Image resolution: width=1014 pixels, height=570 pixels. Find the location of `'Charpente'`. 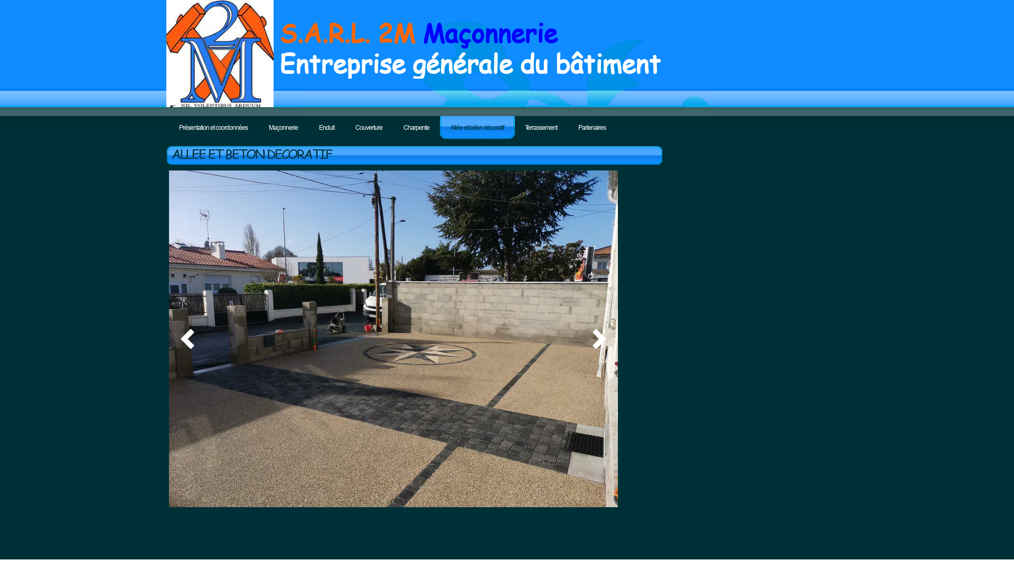

'Charpente' is located at coordinates (416, 127).